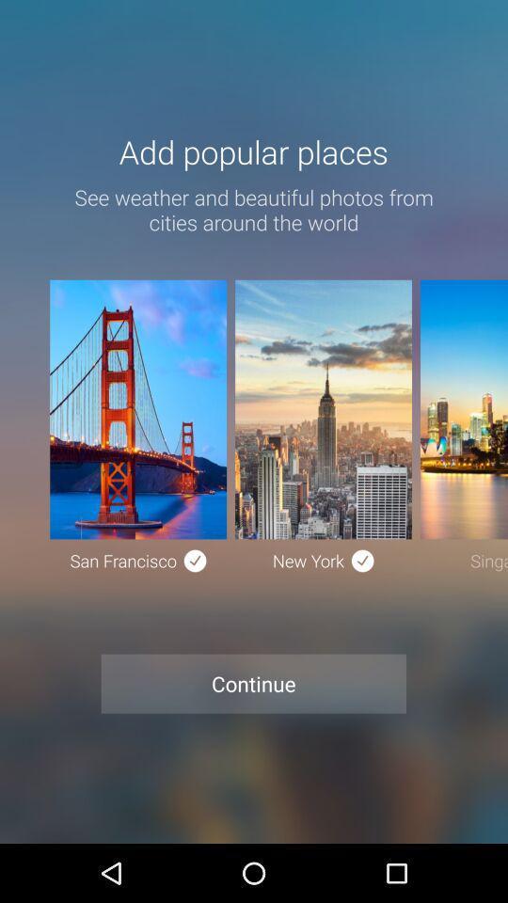 Image resolution: width=508 pixels, height=903 pixels. What do you see at coordinates (137, 409) in the screenshot?
I see `the image above san francisco` at bounding box center [137, 409].